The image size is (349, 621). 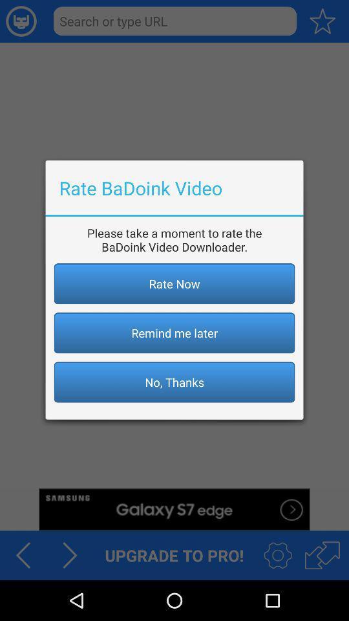 I want to click on the item above the remind me later item, so click(x=174, y=283).